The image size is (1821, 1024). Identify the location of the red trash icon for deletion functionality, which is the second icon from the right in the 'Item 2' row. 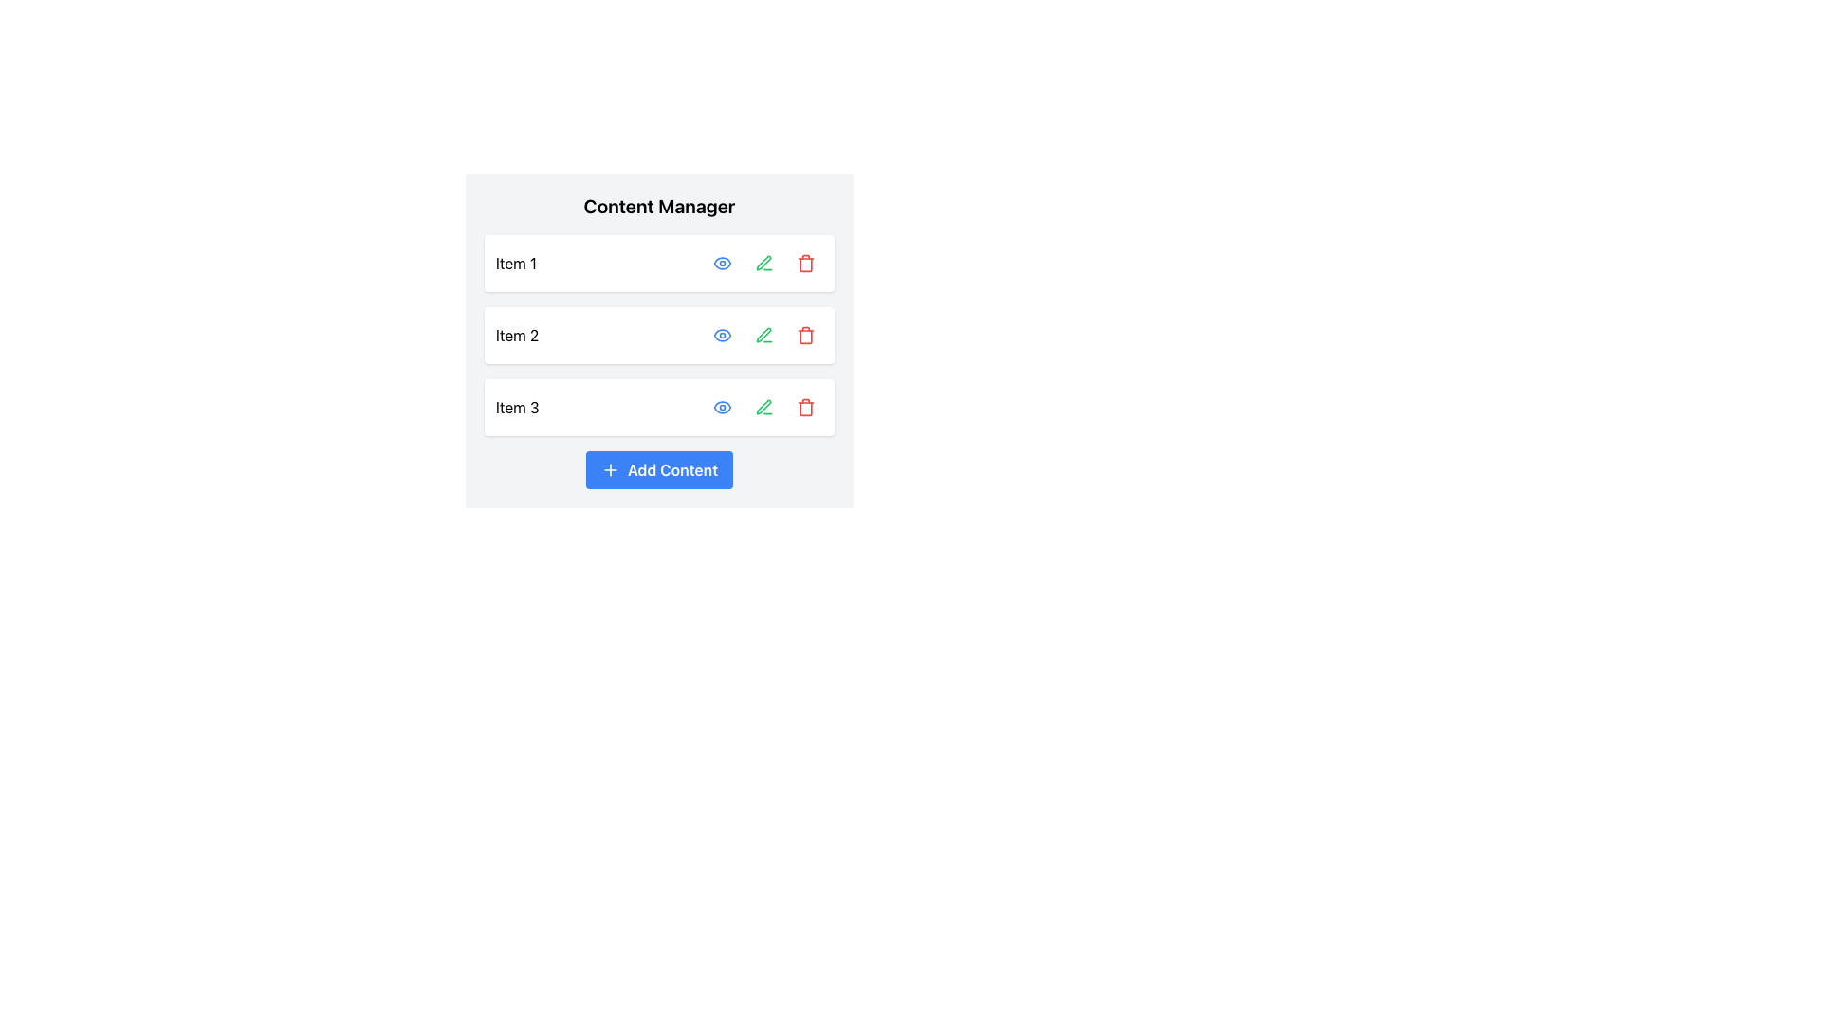
(805, 335).